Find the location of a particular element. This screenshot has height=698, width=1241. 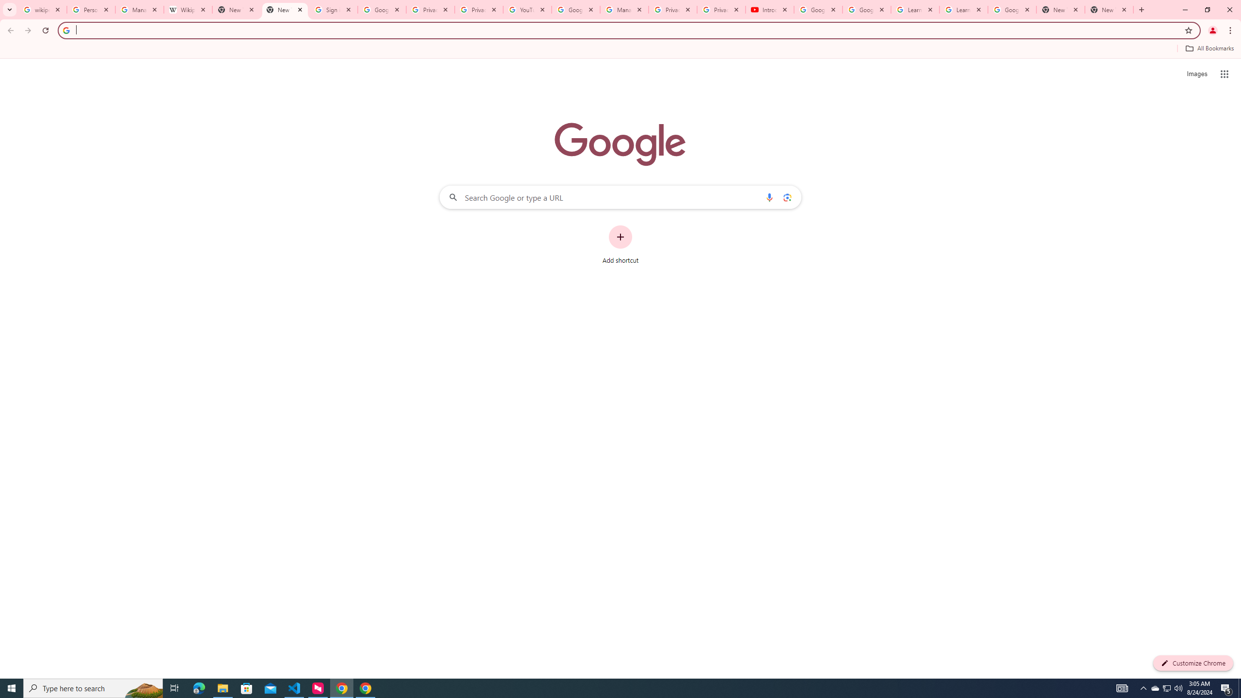

'Manage your Location History - Google Search Help' is located at coordinates (140, 9).